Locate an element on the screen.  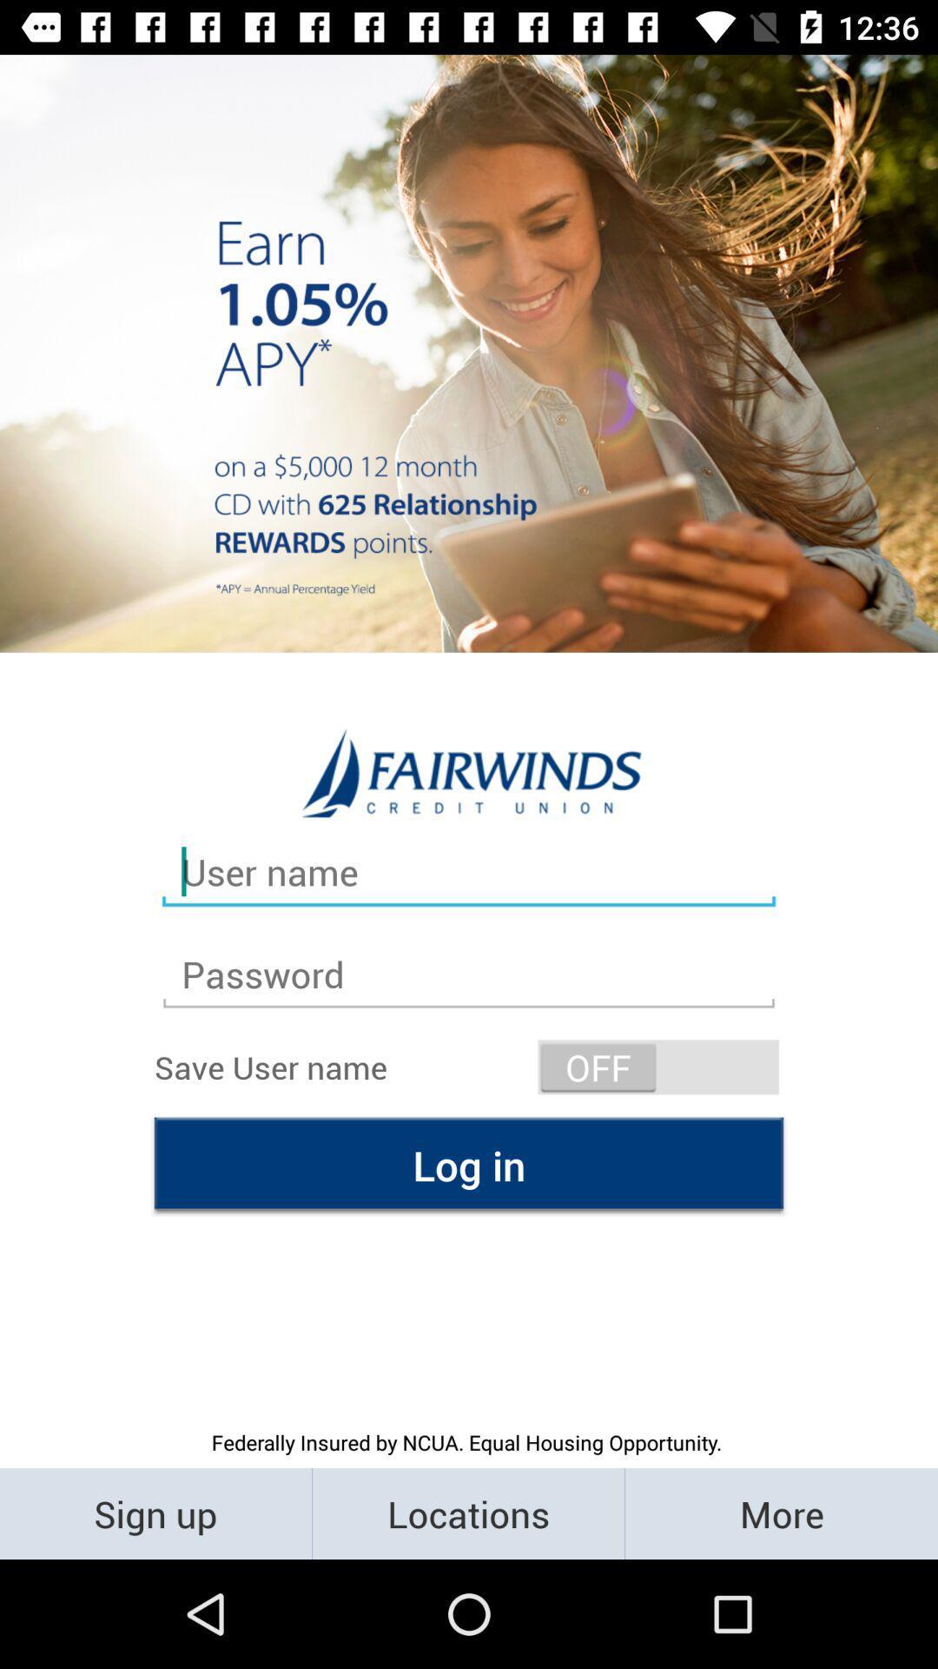
the button right to the locations is located at coordinates (780, 1513).